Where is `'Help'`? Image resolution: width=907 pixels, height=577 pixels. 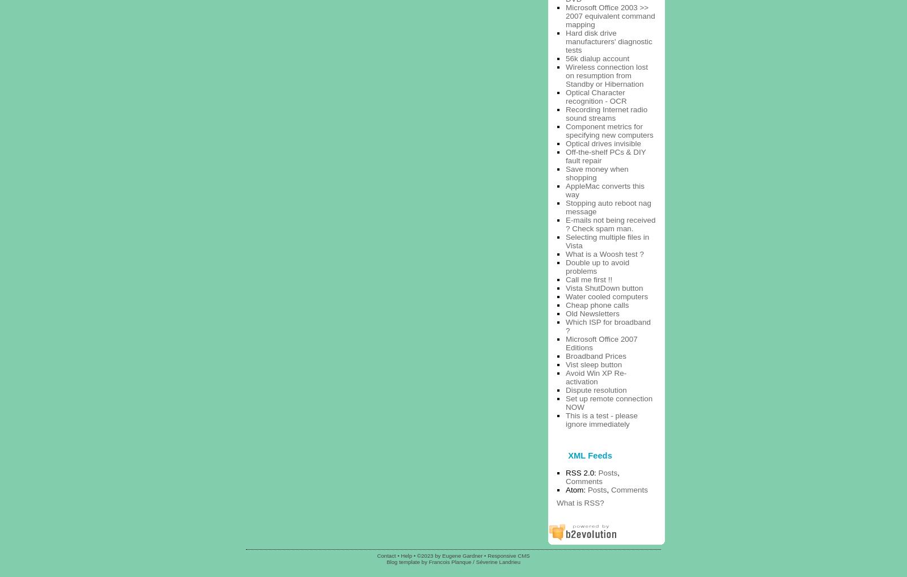 'Help' is located at coordinates (406, 555).